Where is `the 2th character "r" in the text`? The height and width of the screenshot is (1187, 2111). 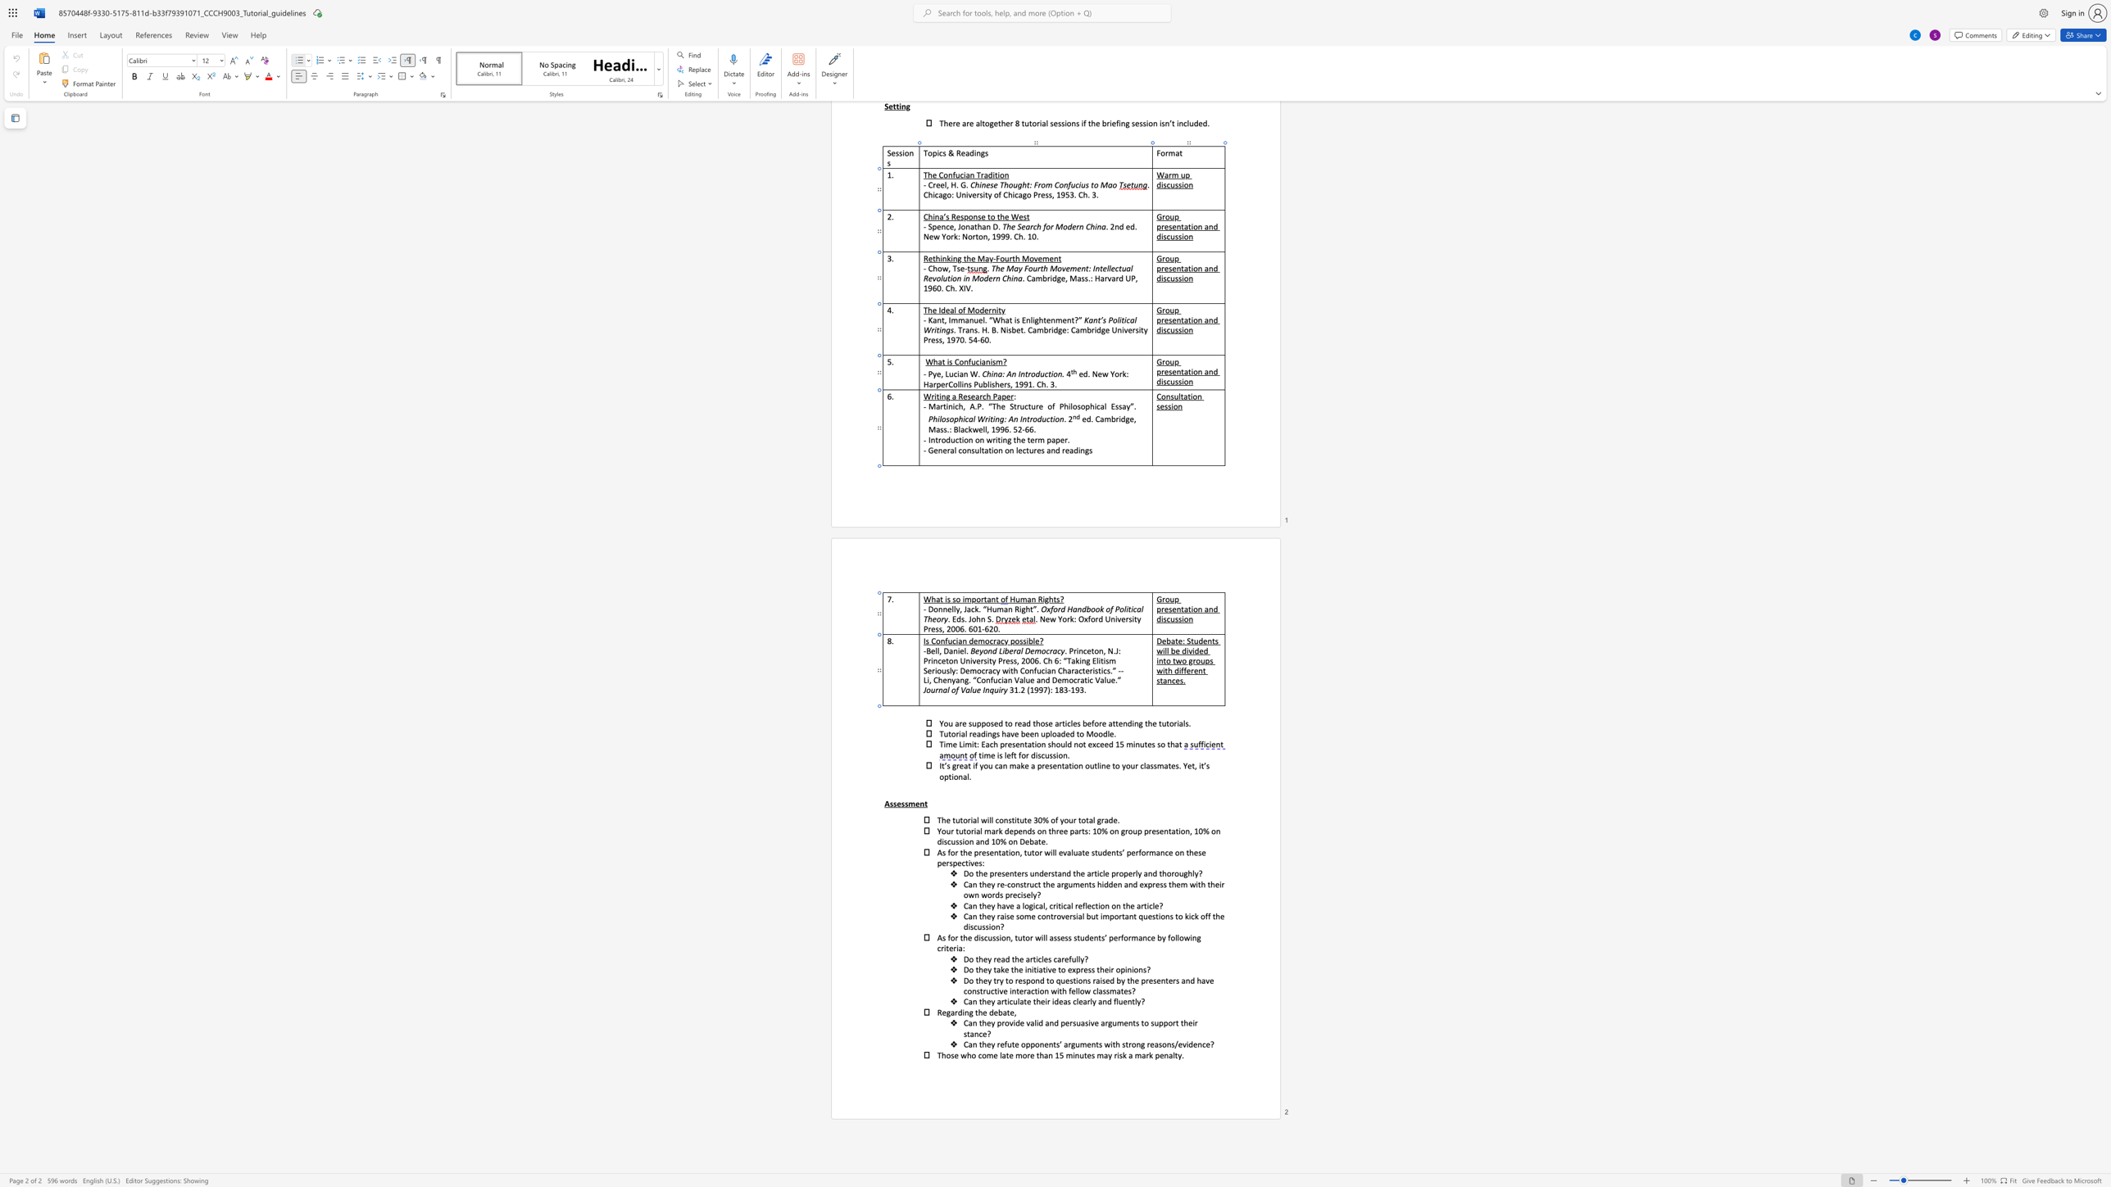
the 2th character "r" in the text is located at coordinates (1115, 1054).